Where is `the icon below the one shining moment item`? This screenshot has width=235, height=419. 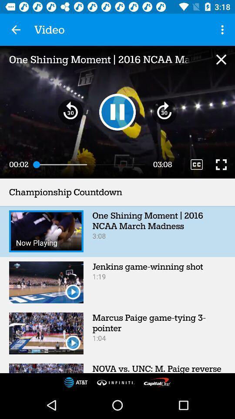
the icon below the one shining moment item is located at coordinates (197, 164).